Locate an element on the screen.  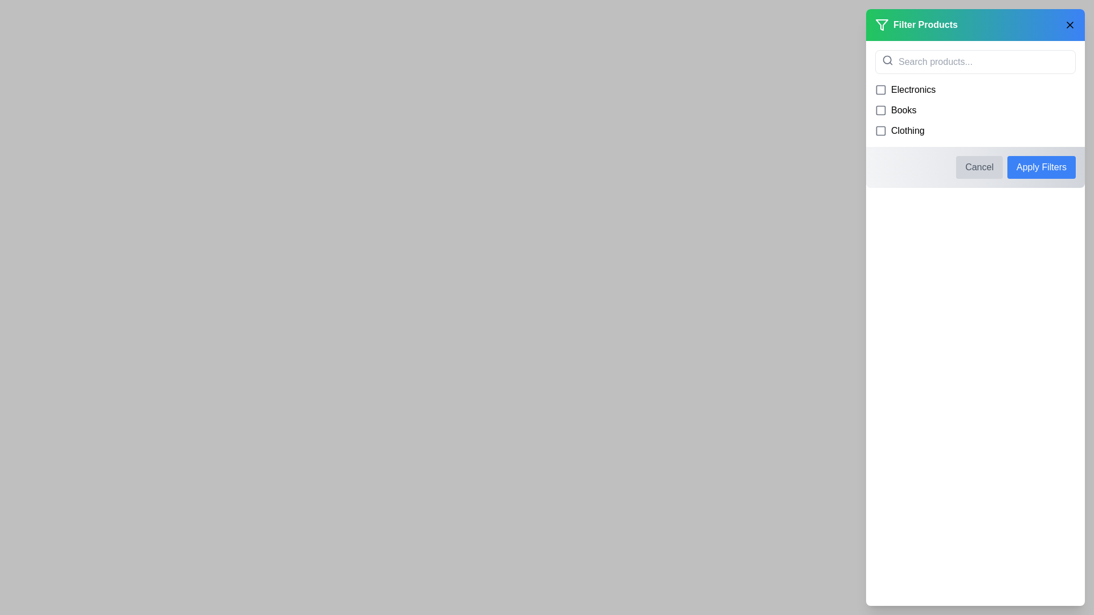
the checkbox labeled 'Electronics' is located at coordinates (880, 89).